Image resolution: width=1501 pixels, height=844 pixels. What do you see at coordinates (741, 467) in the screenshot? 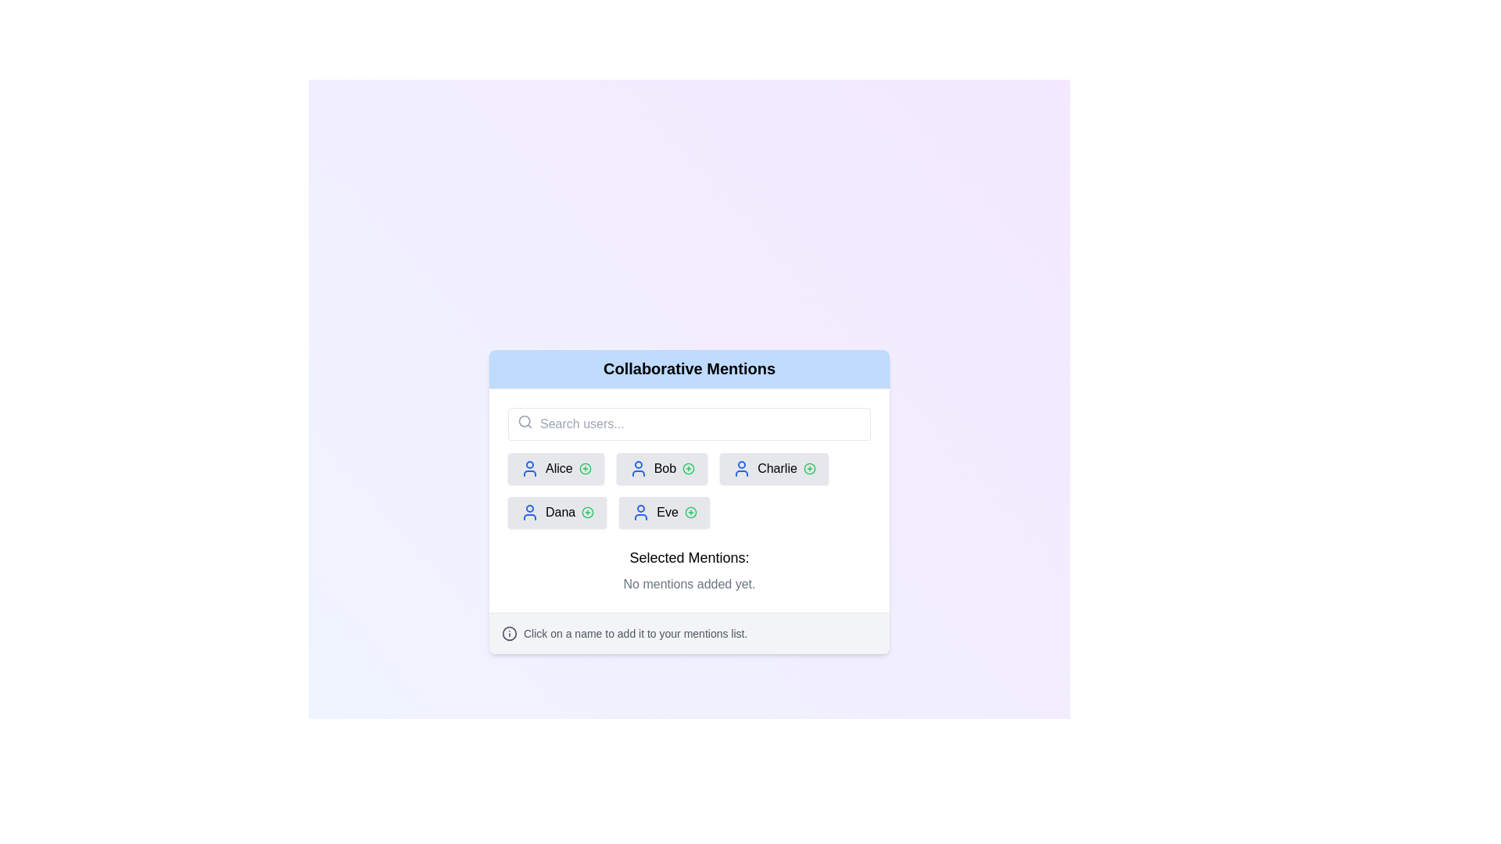
I see `the 'Charlie' user icon located to the left of the username 'Charlie' in the user card` at bounding box center [741, 467].